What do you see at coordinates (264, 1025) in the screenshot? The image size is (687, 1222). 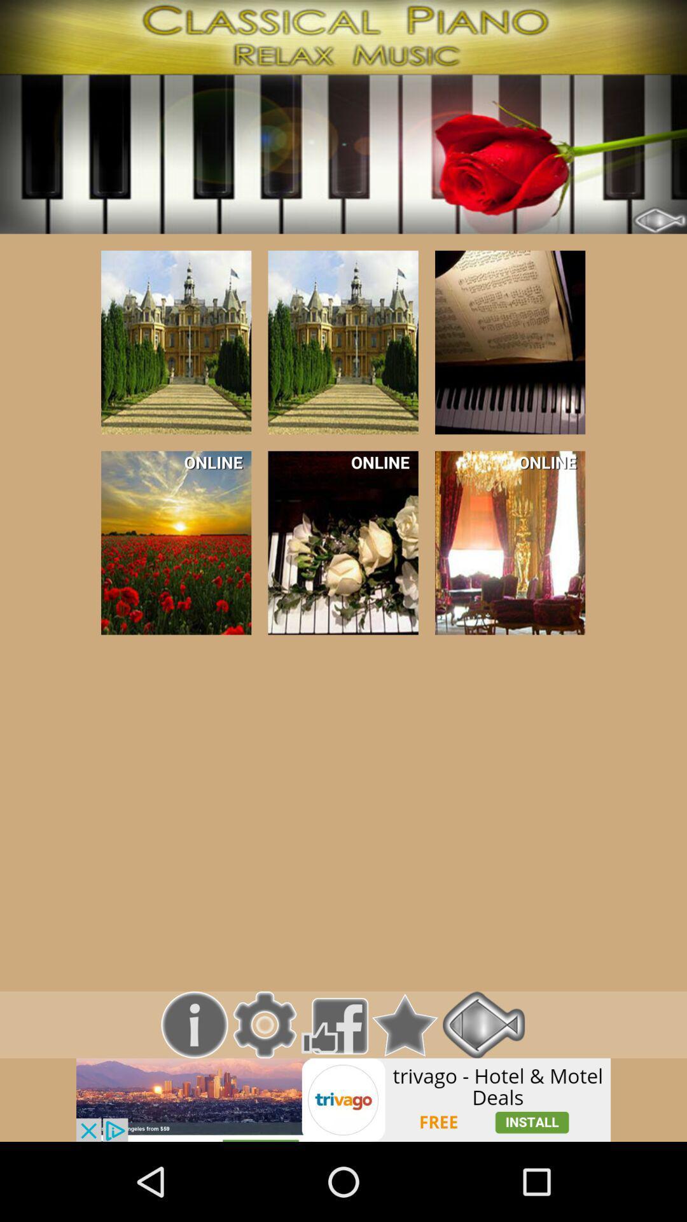 I see `shows setting icon` at bounding box center [264, 1025].